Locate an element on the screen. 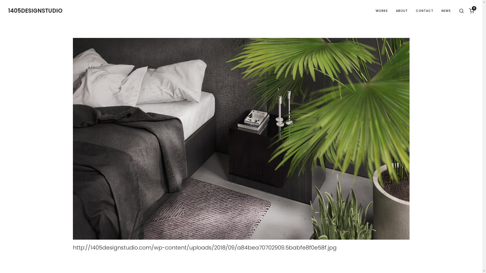 The height and width of the screenshot is (273, 486). '0' is located at coordinates (471, 11).